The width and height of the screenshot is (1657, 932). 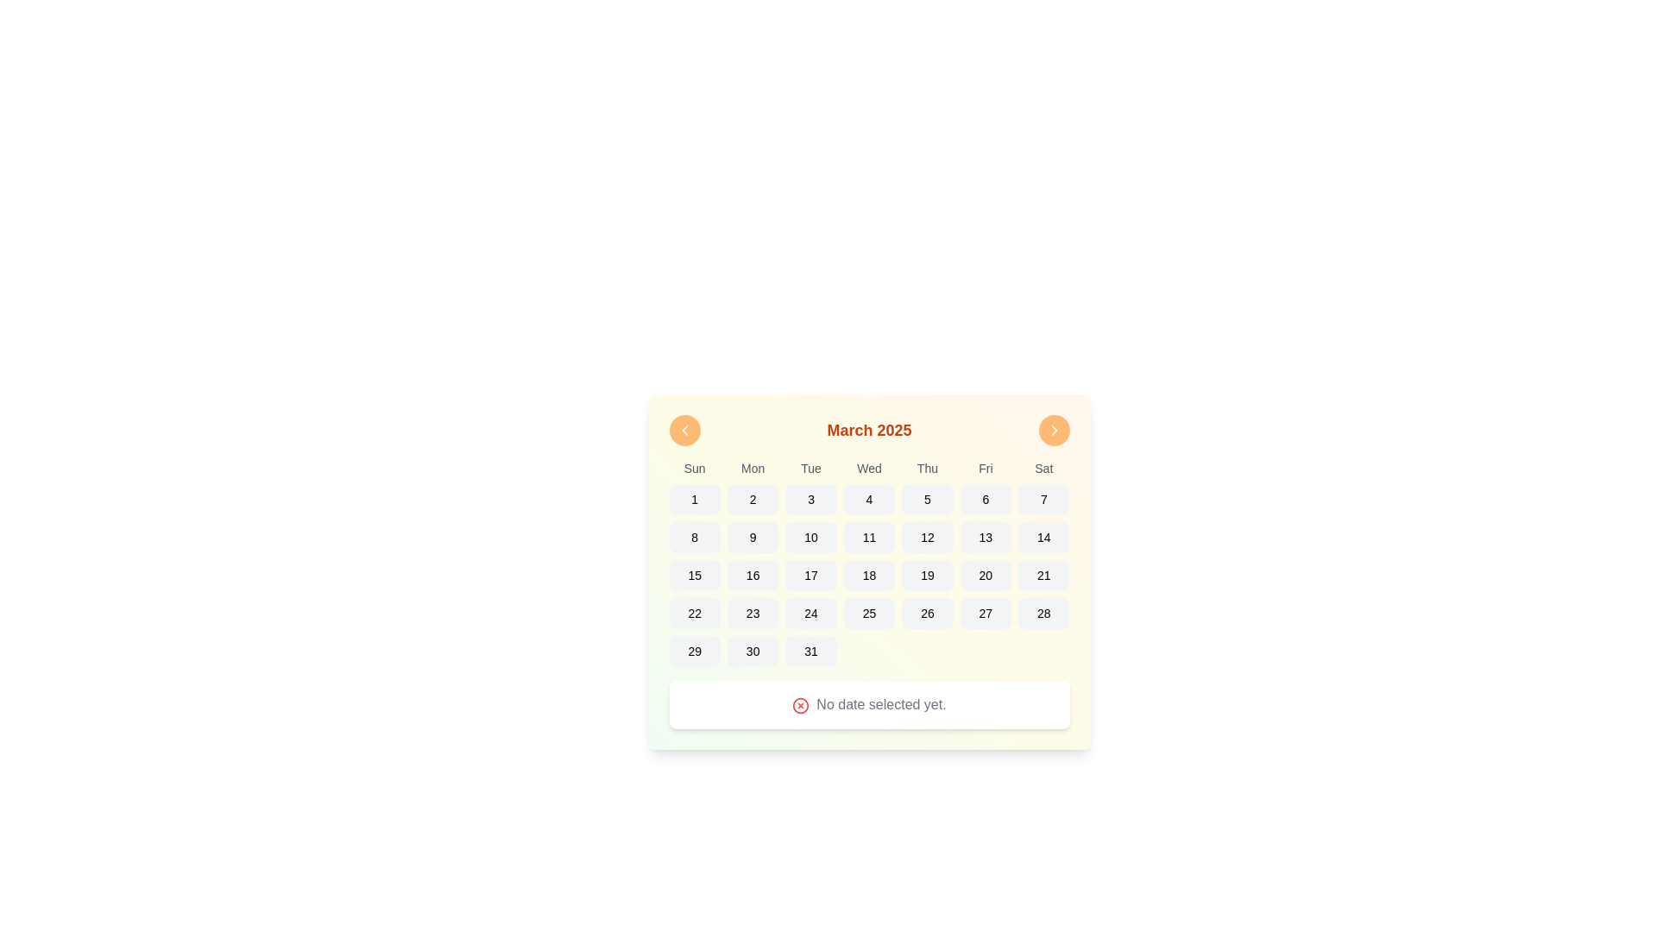 What do you see at coordinates (869, 563) in the screenshot?
I see `the date cell within the calendar for March 2025` at bounding box center [869, 563].